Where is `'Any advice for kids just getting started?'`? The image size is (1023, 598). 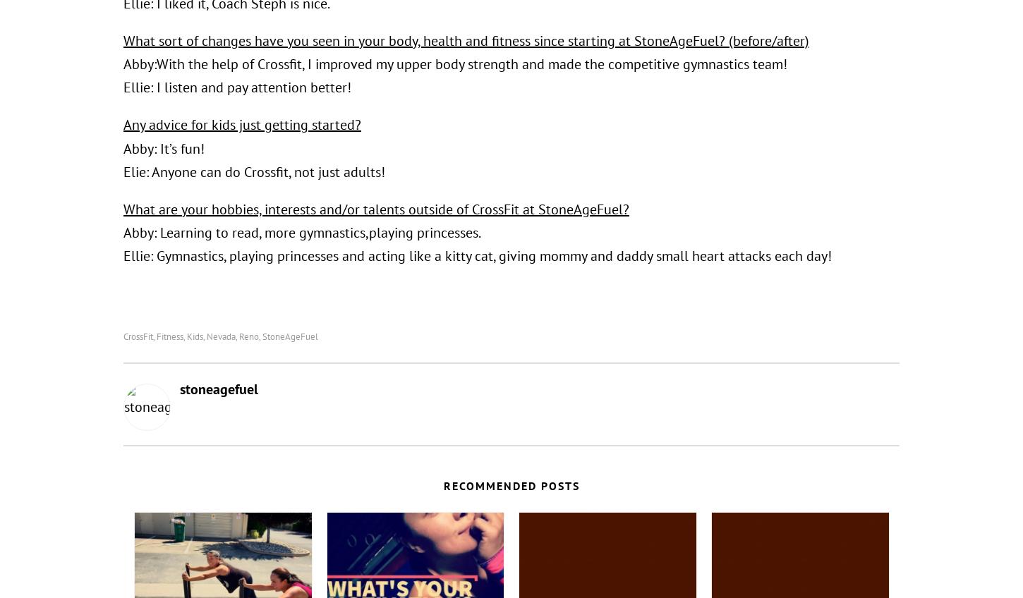 'Any advice for kids just getting started?' is located at coordinates (242, 124).